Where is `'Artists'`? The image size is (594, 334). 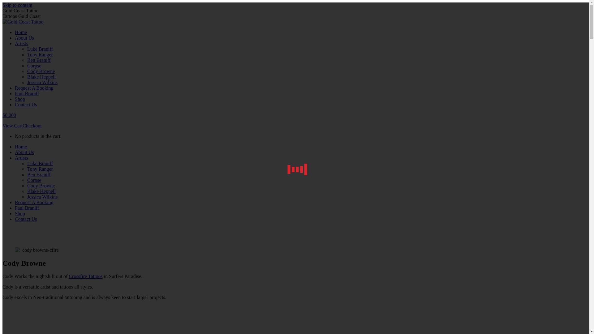
'Artists' is located at coordinates (21, 43).